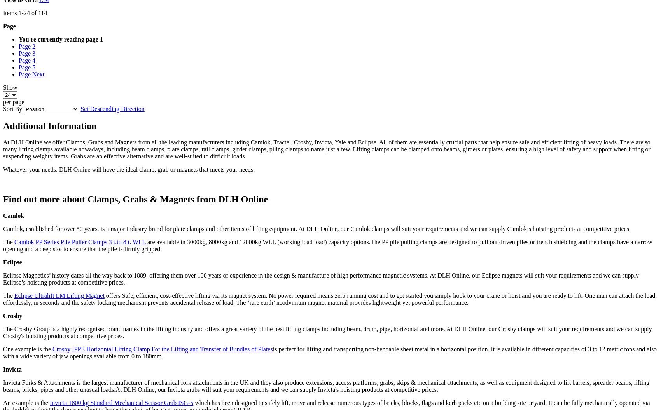  I want to click on 'Camlok, established for over 50 years, is a major industry brand for plate clamps and other items of lifting equipment. At DLH Online, our Camlok clamps will suit your requirements and we can supply Camlok’s hoisting products at competitive prices.', so click(316, 229).